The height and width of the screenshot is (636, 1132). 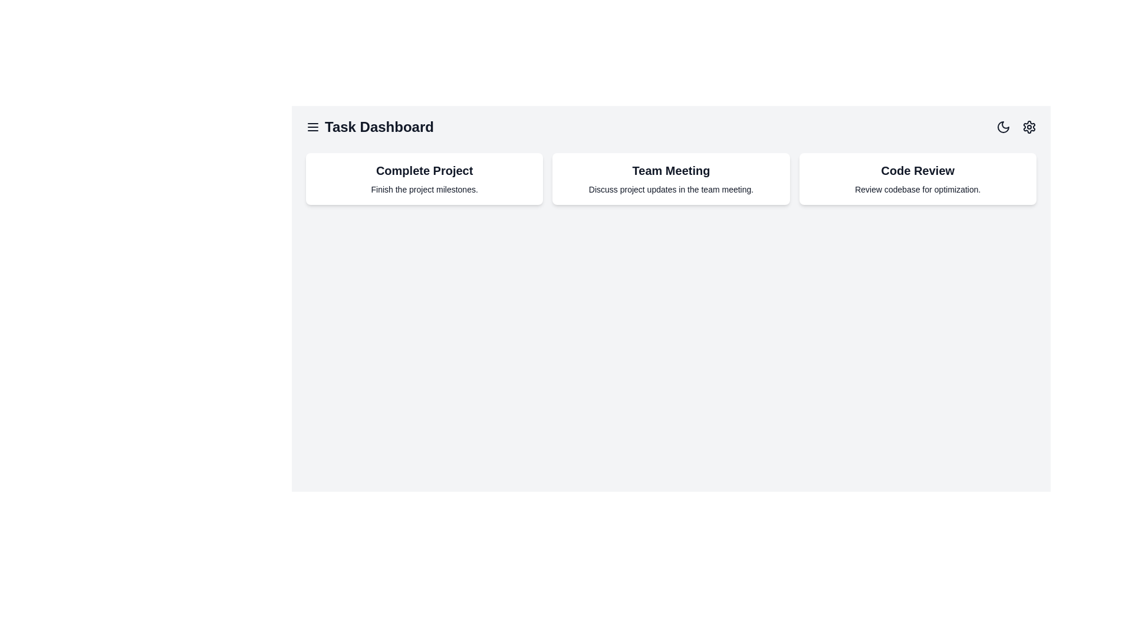 What do you see at coordinates (1003, 127) in the screenshot?
I see `the circular button with a moon icon located in the top-right area of the interface` at bounding box center [1003, 127].